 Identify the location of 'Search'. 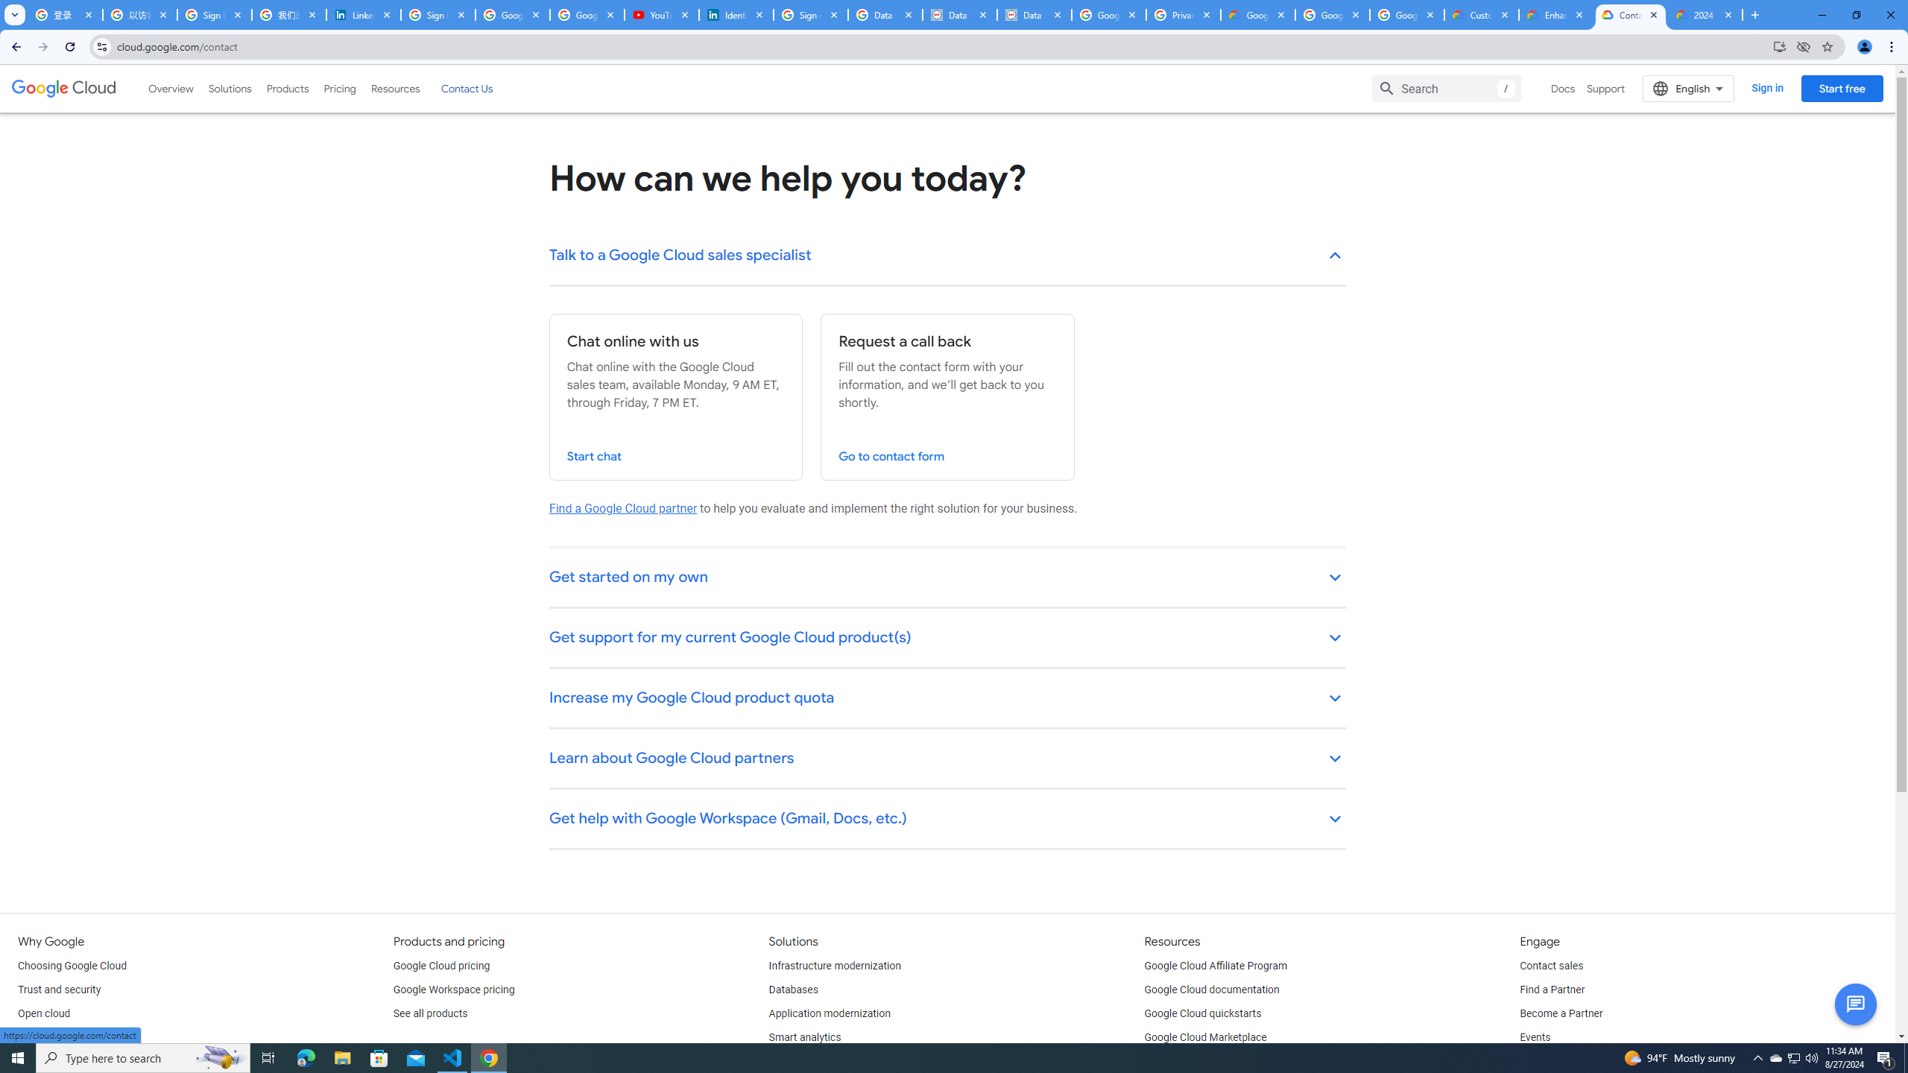
(1446, 88).